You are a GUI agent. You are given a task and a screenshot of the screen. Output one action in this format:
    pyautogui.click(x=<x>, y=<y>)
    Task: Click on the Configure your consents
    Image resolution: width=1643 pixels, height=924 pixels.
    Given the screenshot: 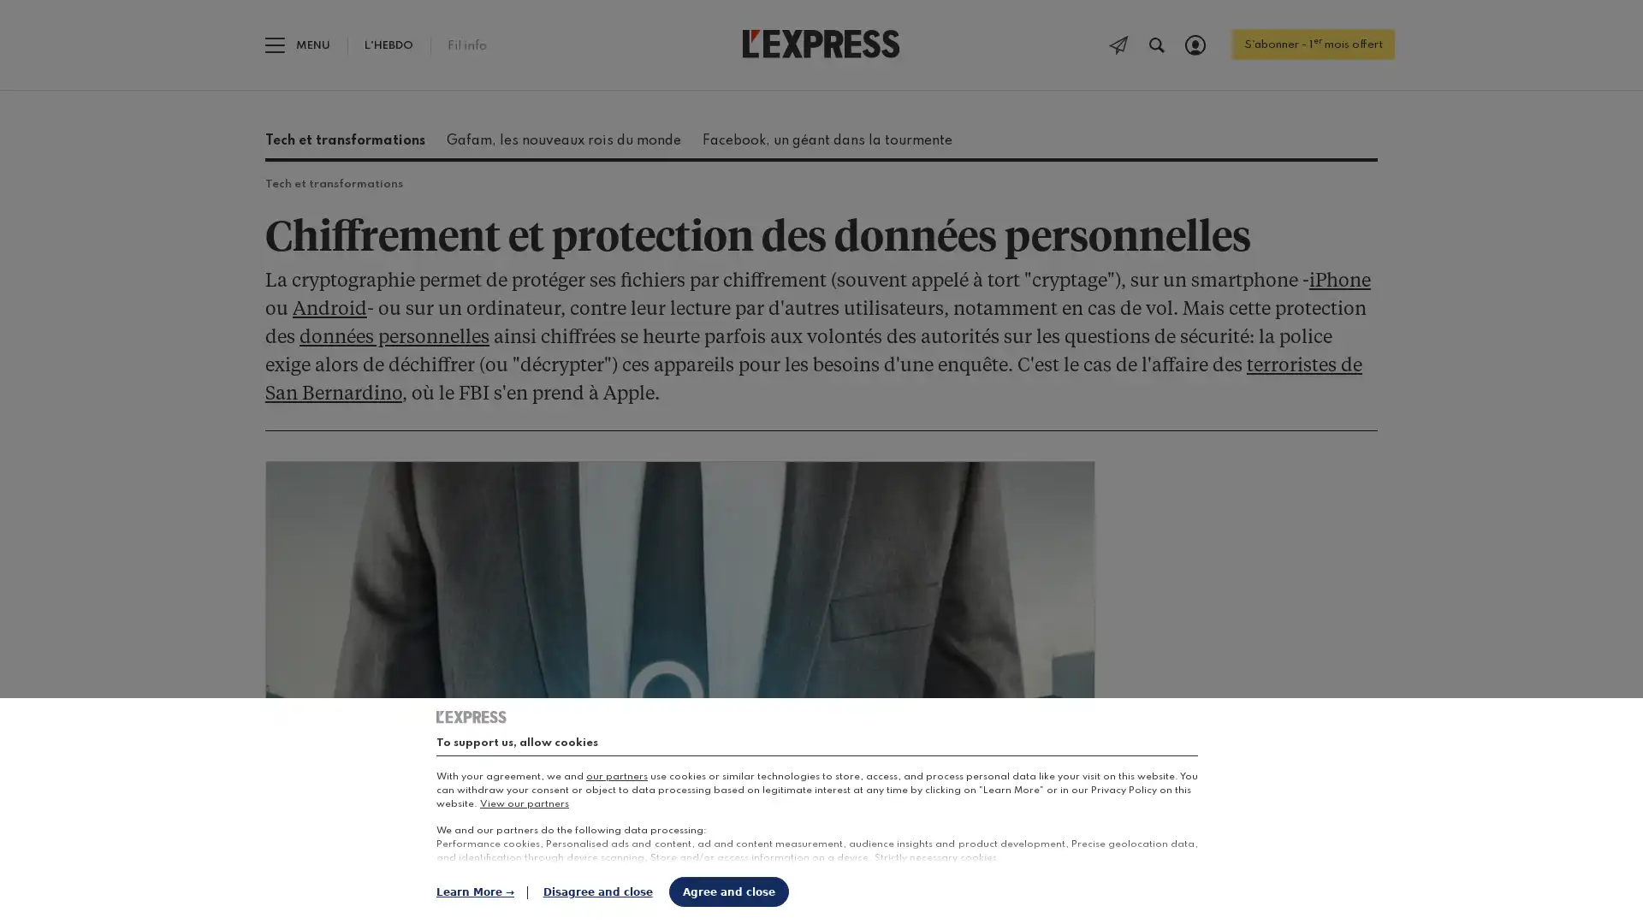 What is the action you would take?
    pyautogui.click(x=481, y=891)
    